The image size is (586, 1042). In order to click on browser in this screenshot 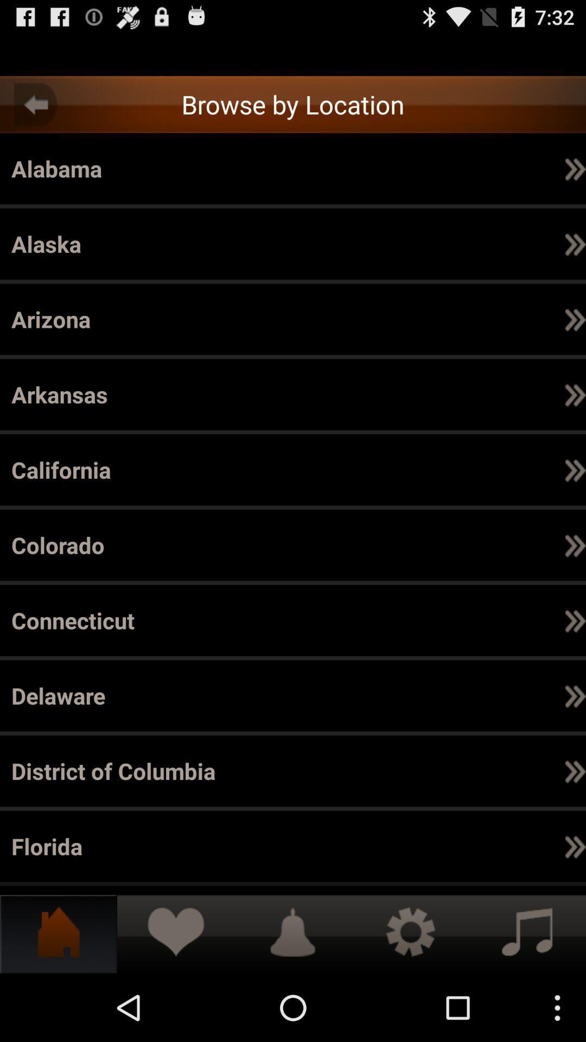, I will do `click(293, 54)`.